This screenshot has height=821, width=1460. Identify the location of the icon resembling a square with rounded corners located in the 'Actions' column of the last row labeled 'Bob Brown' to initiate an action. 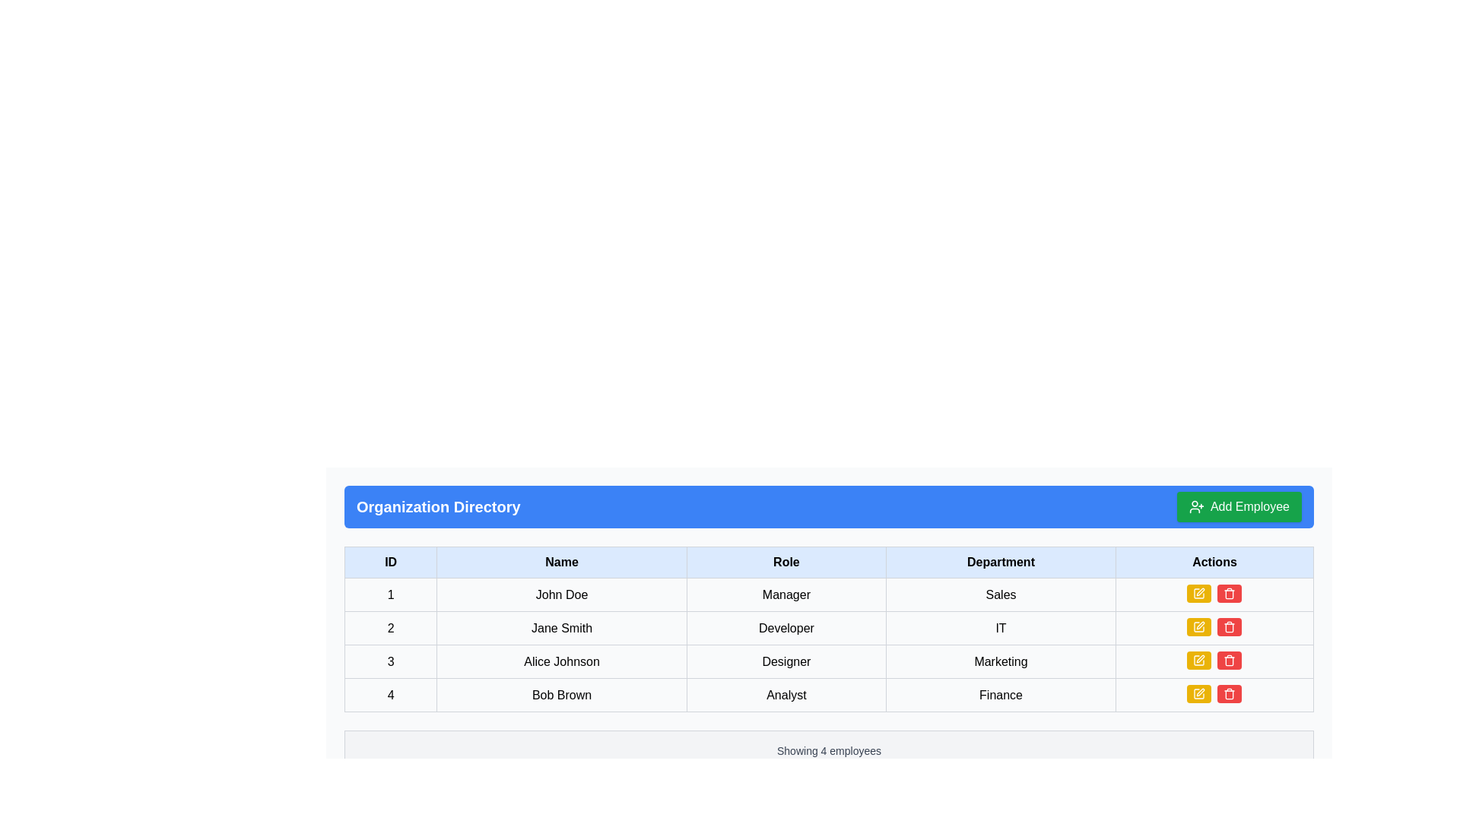
(1198, 592).